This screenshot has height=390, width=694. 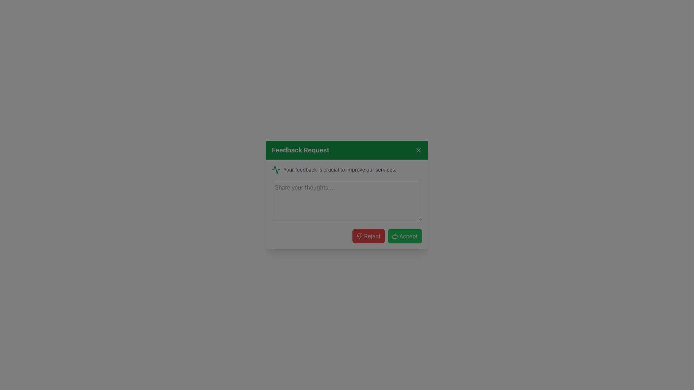 What do you see at coordinates (339, 170) in the screenshot?
I see `text label located below the 'Feedback Request' header and above the 'Share your thoughts...' input area, which provides context for the feedback dialog` at bounding box center [339, 170].